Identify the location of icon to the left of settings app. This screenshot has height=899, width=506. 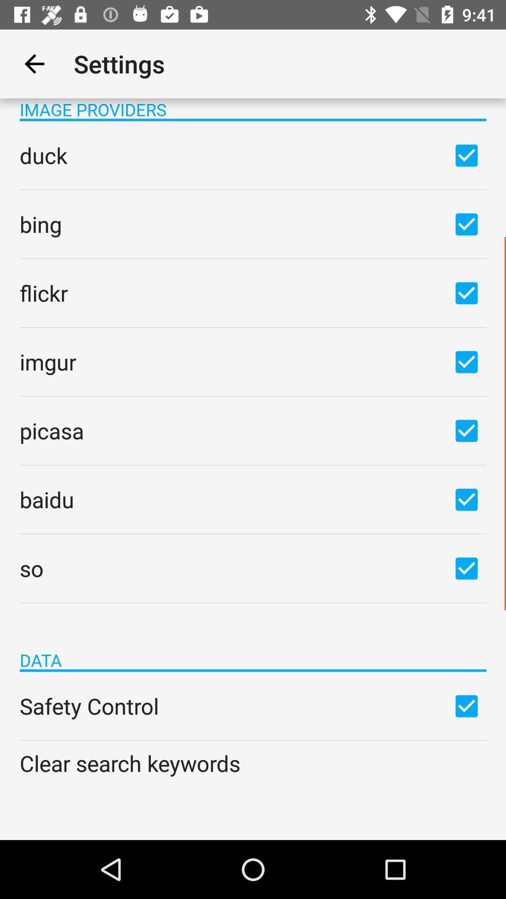
(34, 63).